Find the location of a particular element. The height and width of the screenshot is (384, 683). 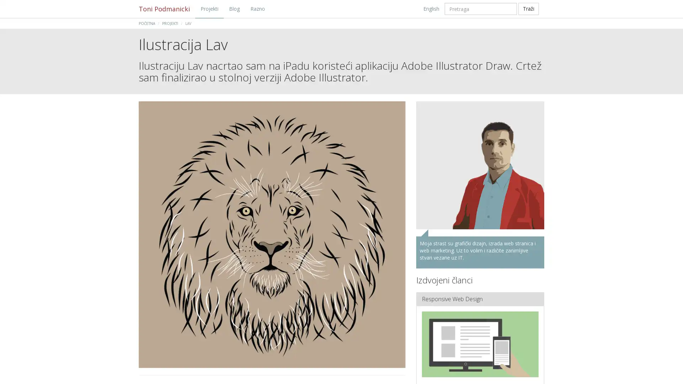

Trazi is located at coordinates (529, 9).